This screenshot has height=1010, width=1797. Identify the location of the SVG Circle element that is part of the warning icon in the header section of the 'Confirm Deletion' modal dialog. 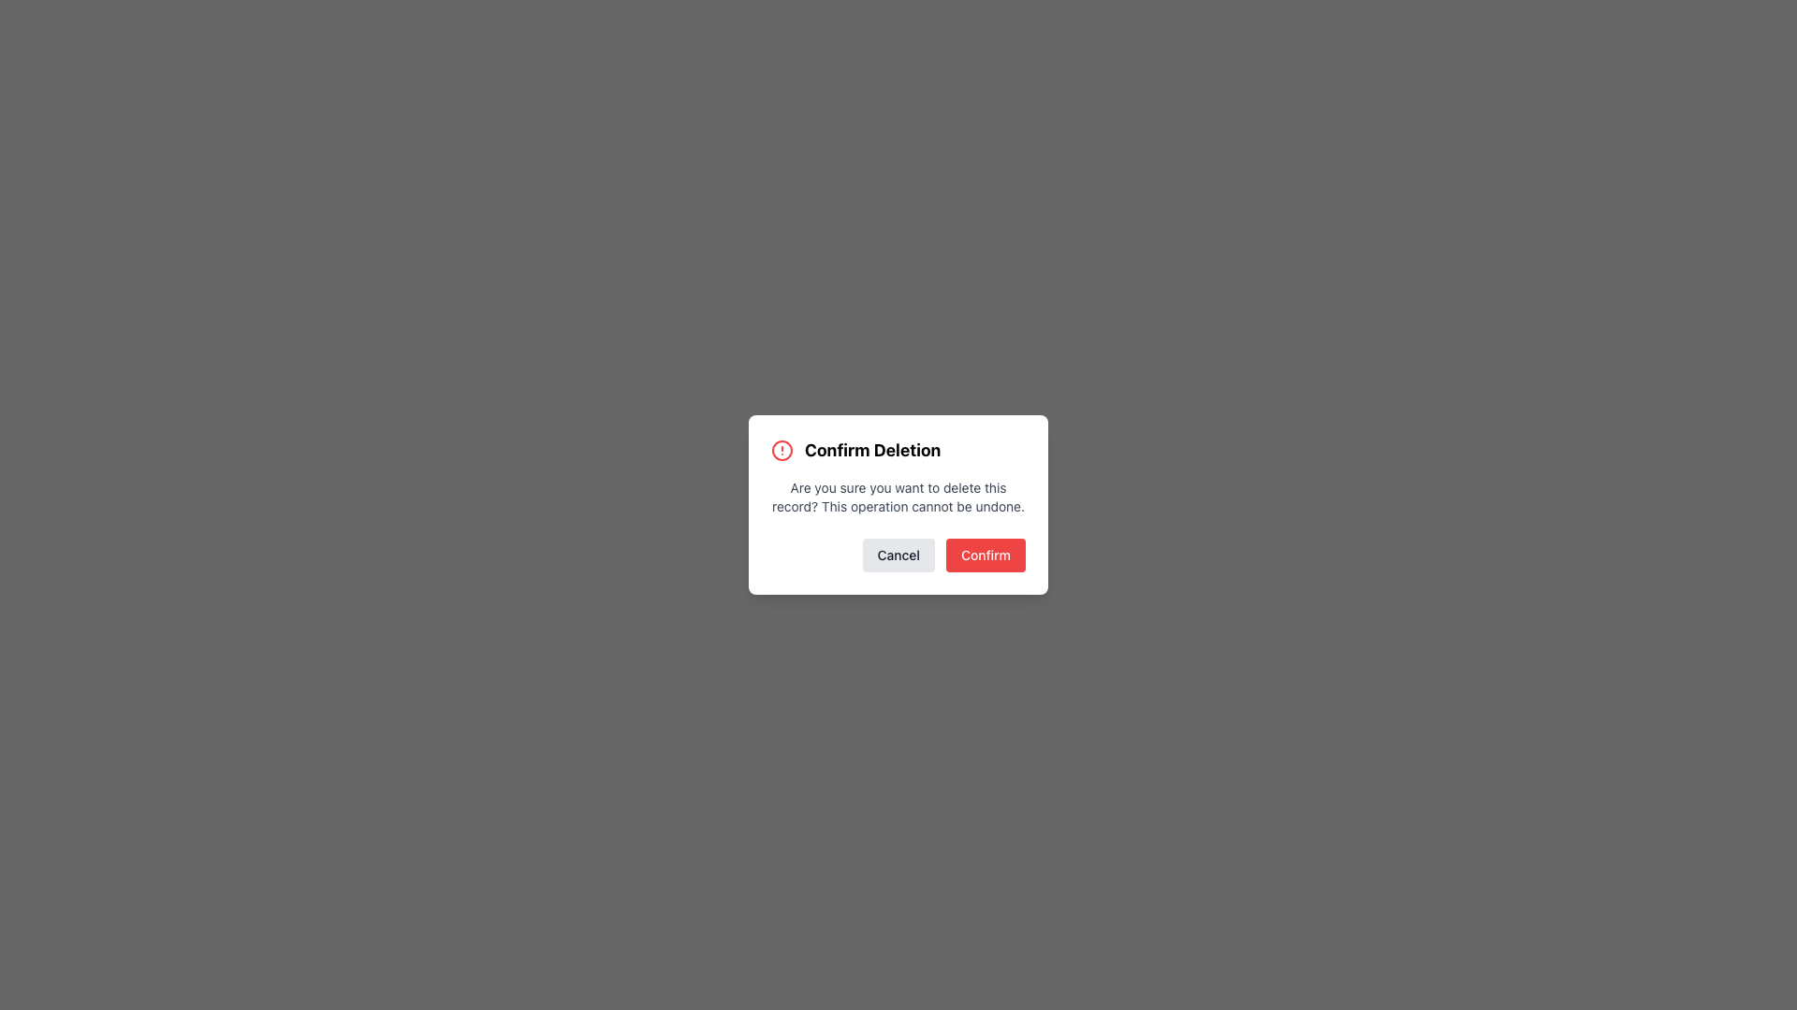
(782, 451).